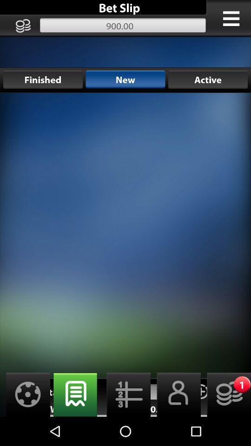 This screenshot has width=251, height=446. I want to click on the list icon, so click(125, 422).